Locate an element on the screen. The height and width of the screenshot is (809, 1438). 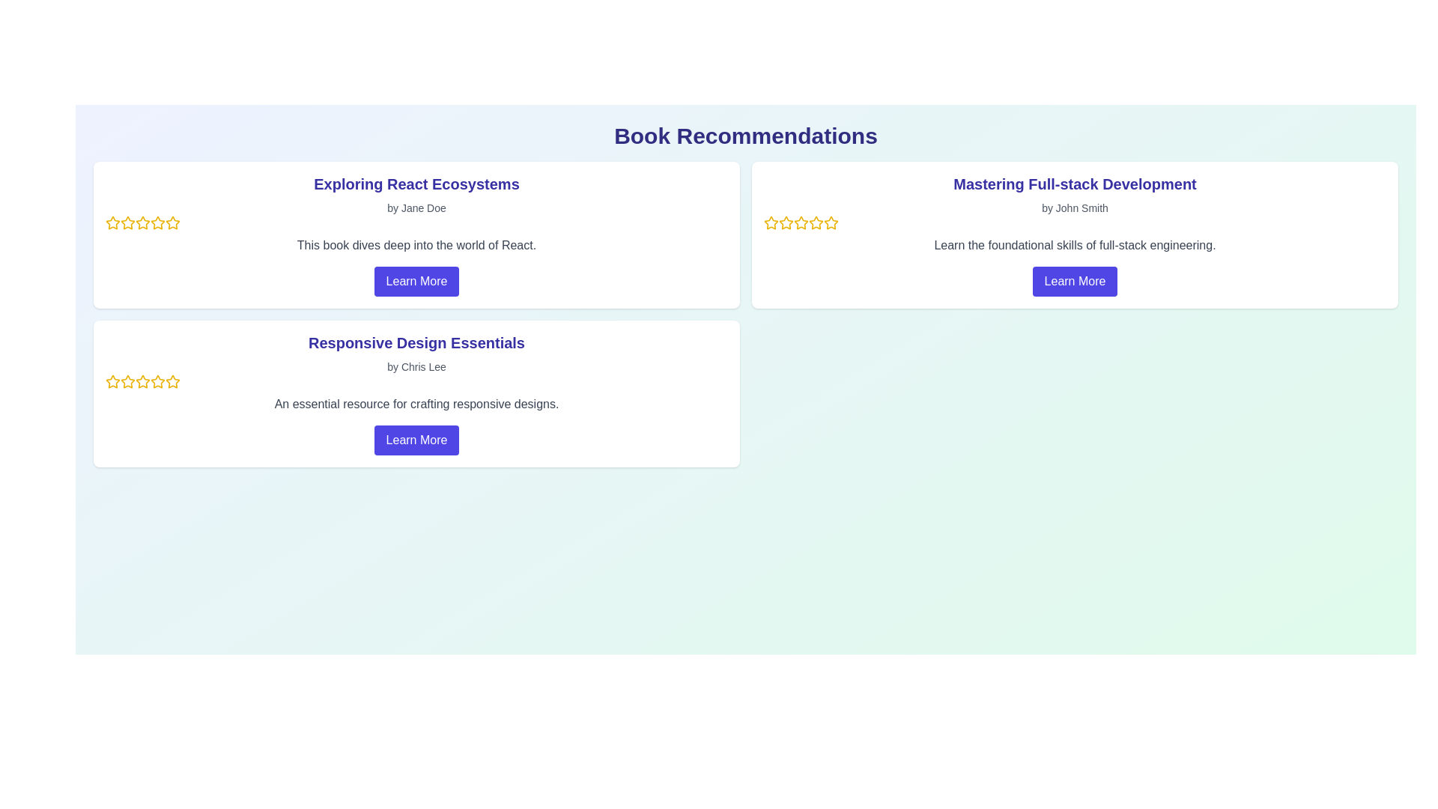
the third yellow star with a hollow center in the rating component for the card titled 'Mastering Full-stack Development' is located at coordinates (801, 222).